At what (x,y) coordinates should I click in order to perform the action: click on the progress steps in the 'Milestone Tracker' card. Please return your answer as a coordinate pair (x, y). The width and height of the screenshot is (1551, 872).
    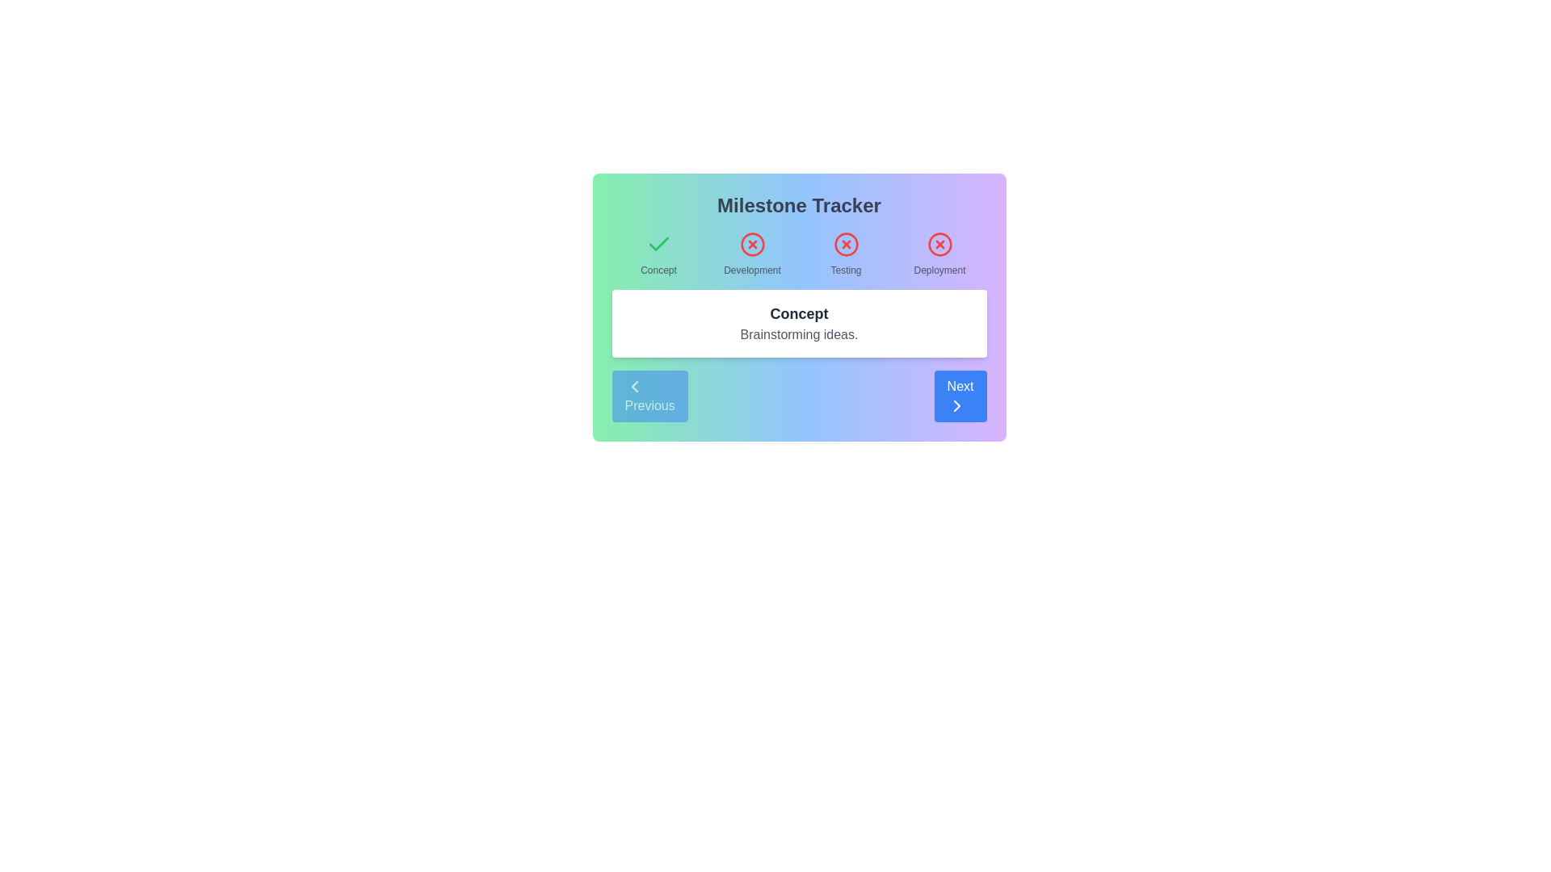
    Looking at the image, I should click on (799, 308).